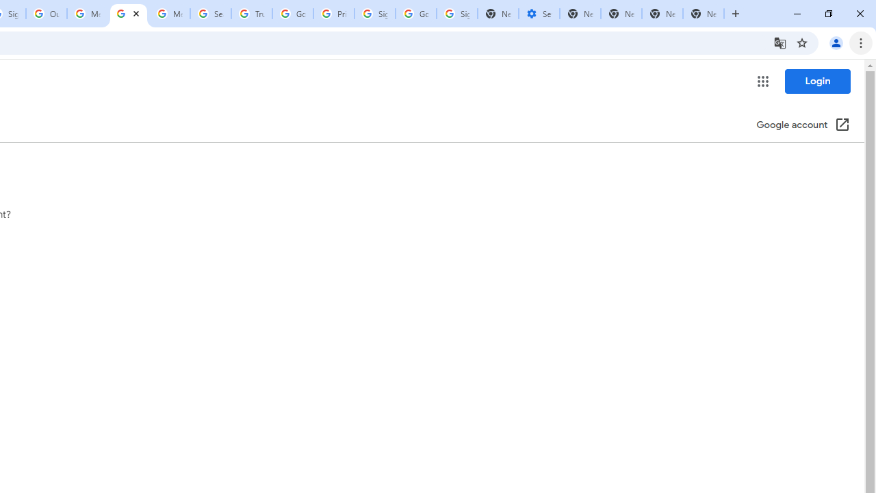 This screenshot has height=493, width=876. What do you see at coordinates (817, 81) in the screenshot?
I see `'Login'` at bounding box center [817, 81].